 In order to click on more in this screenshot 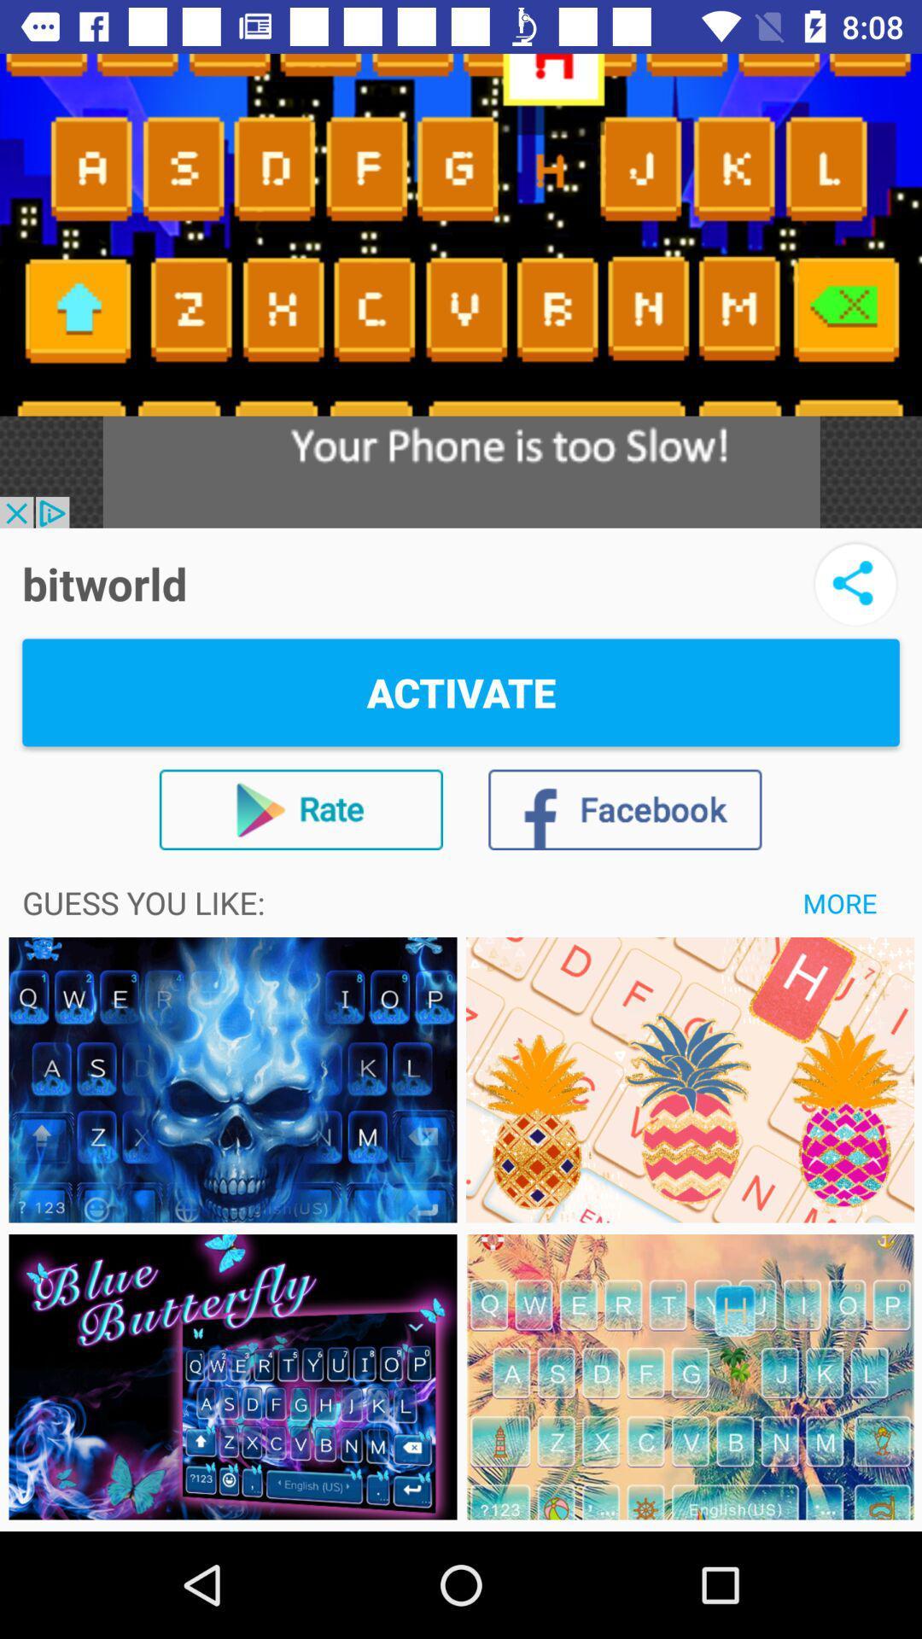, I will do `click(838, 901)`.